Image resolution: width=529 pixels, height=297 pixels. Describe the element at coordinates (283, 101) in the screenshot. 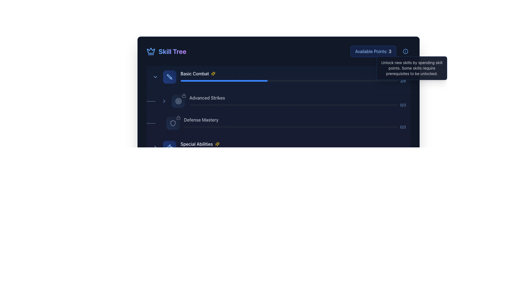

I see `the 'Advanced Strikes' skill entry in the skill tree layout, which is styled to indicate it is not interactable and located above the 'Defense Mastery' section` at that location.